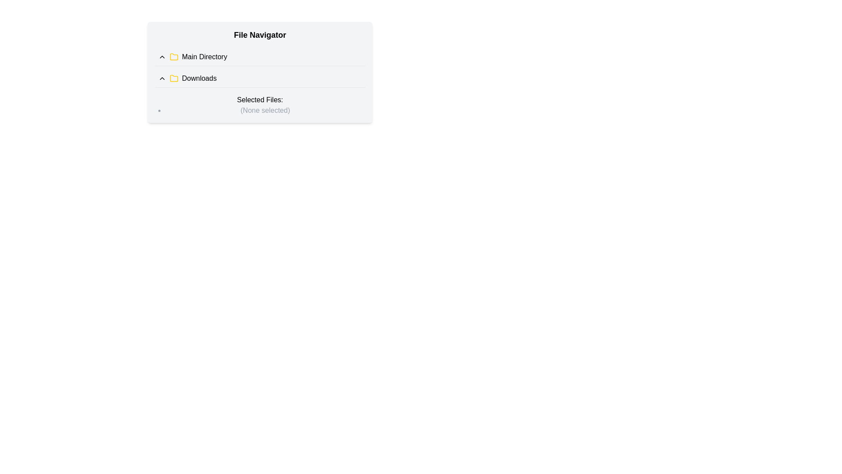 This screenshot has height=474, width=842. Describe the element at coordinates (264, 110) in the screenshot. I see `the static text label displaying '(None selected)' in gray color, located under the 'Selected Files:' heading in the file navigation sidebar` at that location.